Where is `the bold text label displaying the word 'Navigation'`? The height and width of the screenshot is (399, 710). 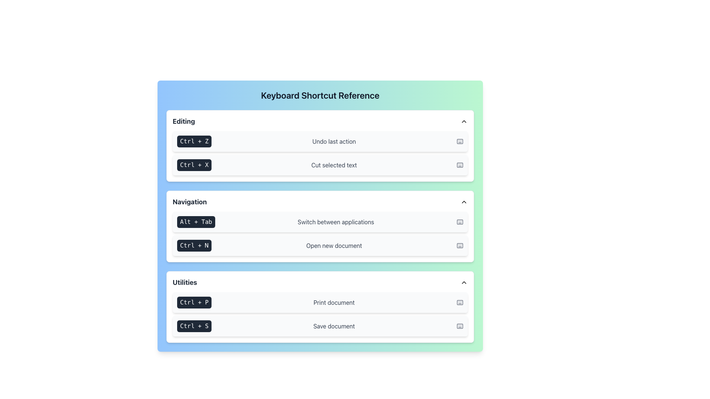 the bold text label displaying the word 'Navigation' is located at coordinates (190, 202).